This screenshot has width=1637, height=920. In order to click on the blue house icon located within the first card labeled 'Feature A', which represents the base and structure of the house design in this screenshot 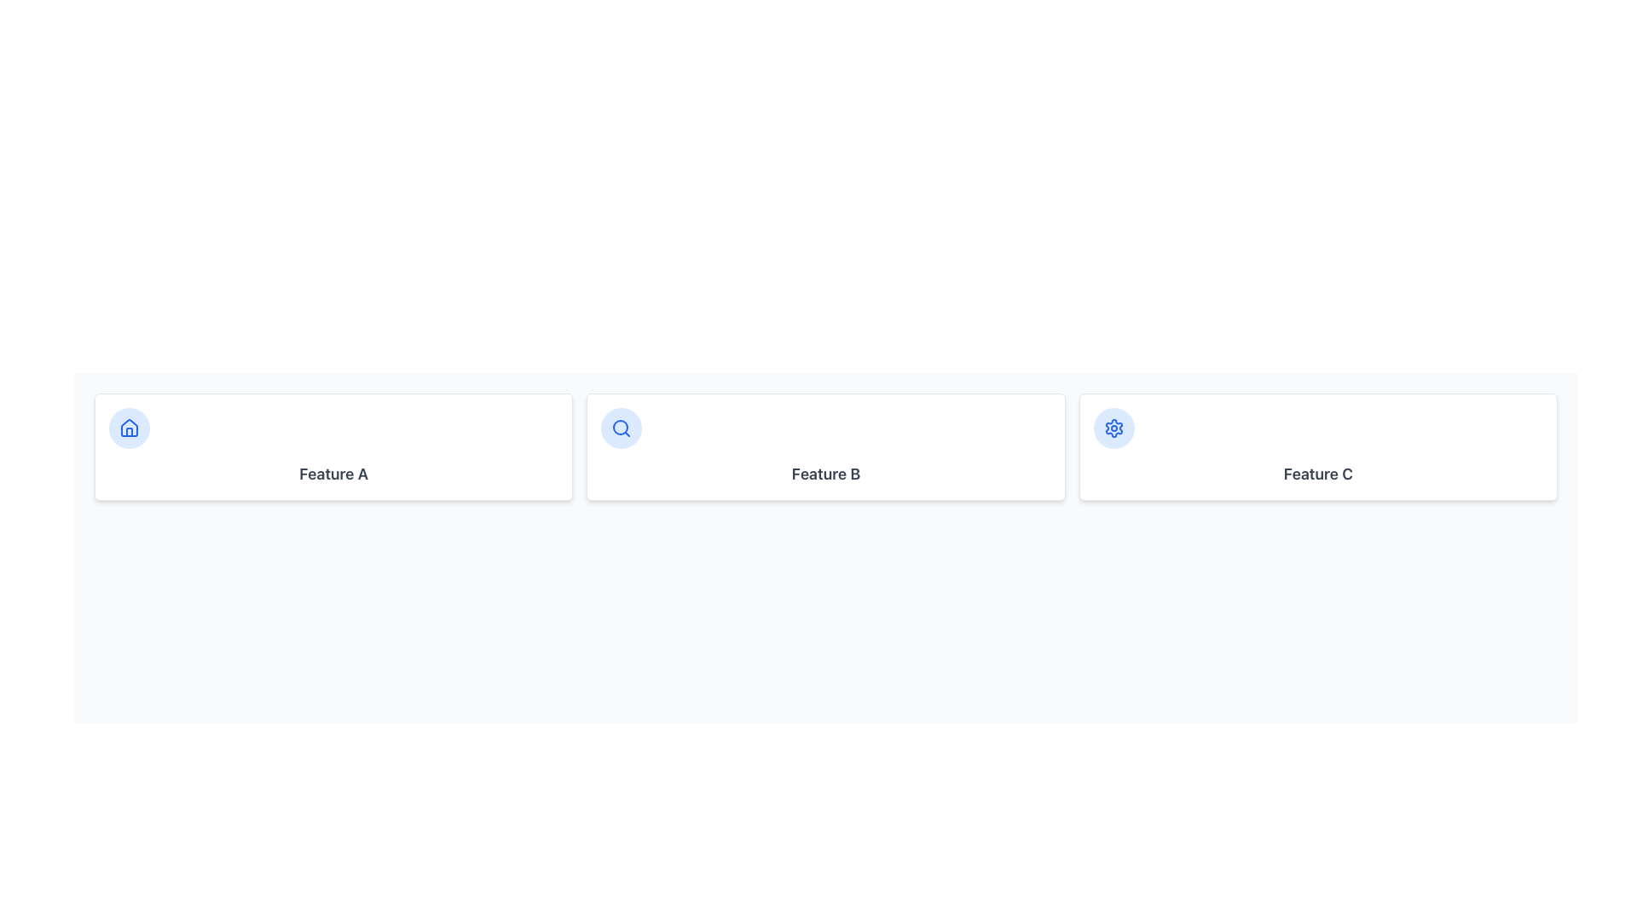, I will do `click(129, 426)`.